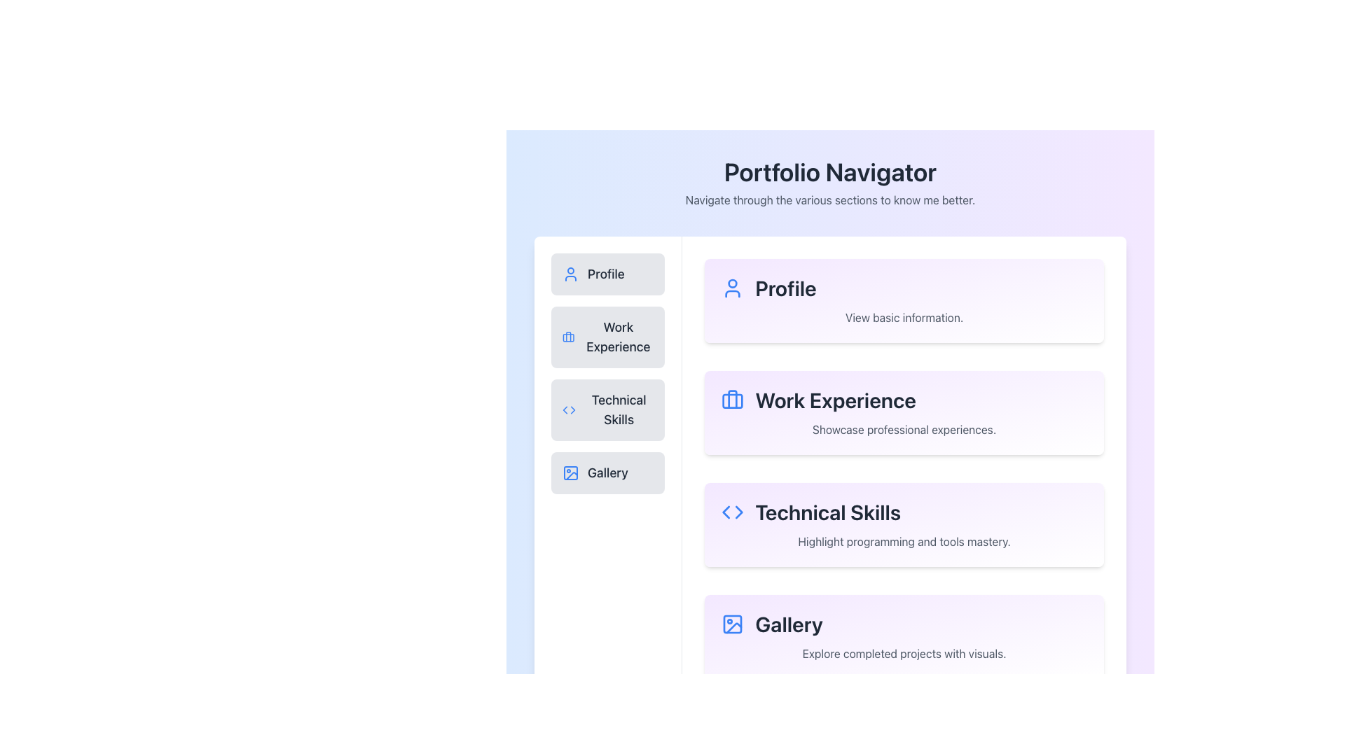 This screenshot has height=756, width=1345. I want to click on the base rectangle of the briefcase icon in the 'Work Experience' section located in the sidebar navigation, so click(732, 401).